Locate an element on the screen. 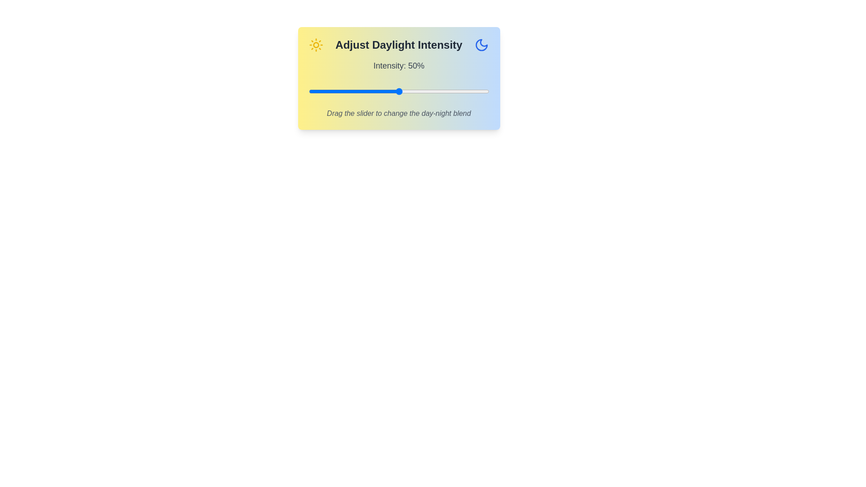 This screenshot has height=487, width=866. the sun icon to interact with it is located at coordinates (316, 45).